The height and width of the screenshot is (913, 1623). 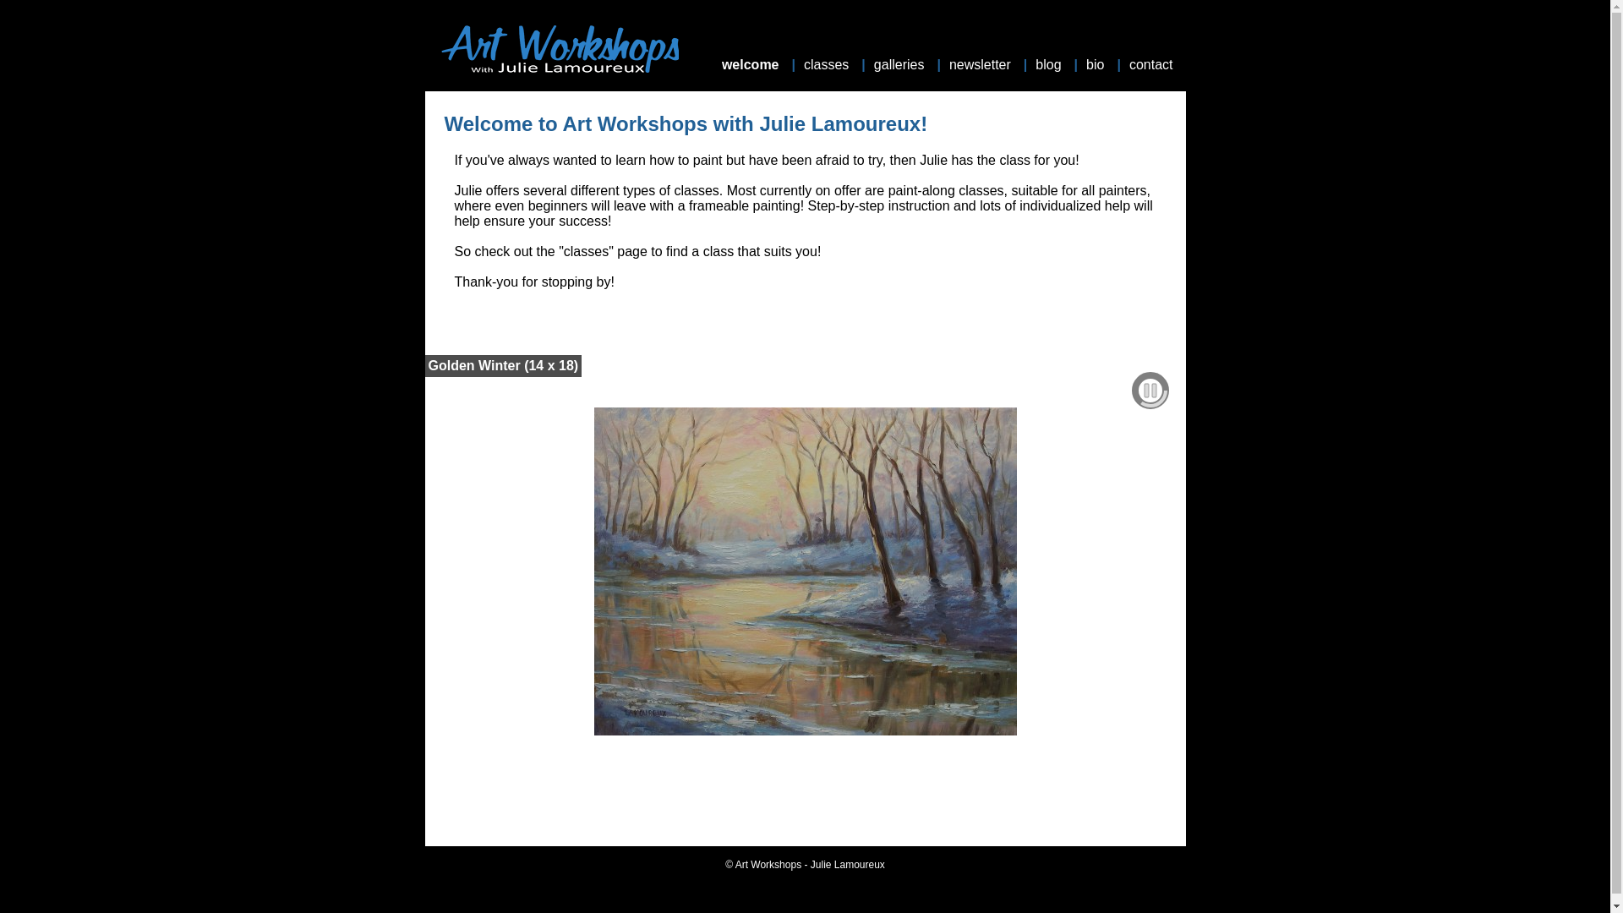 What do you see at coordinates (1096, 64) in the screenshot?
I see `'bio'` at bounding box center [1096, 64].